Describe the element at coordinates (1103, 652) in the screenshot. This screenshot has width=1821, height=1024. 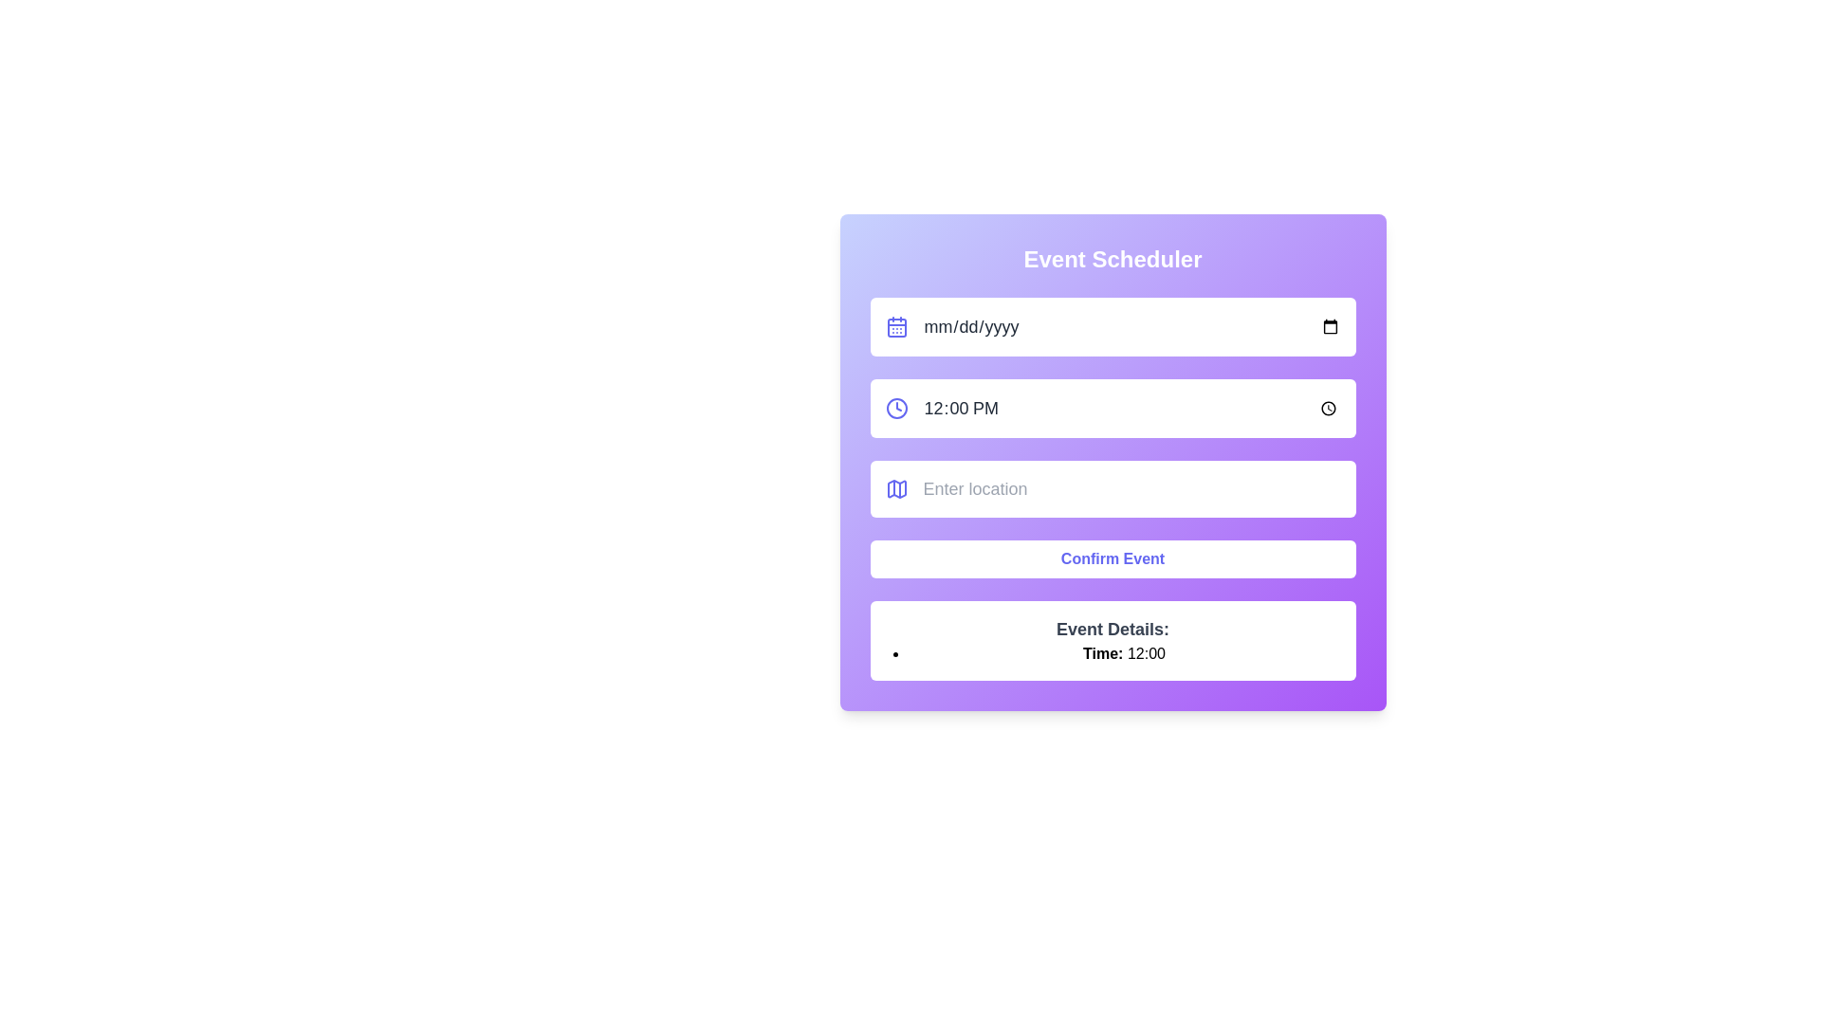
I see `the static text label that describes the associated time data '12:00', located in the 'Event Details:' block, to the left of the time information` at that location.